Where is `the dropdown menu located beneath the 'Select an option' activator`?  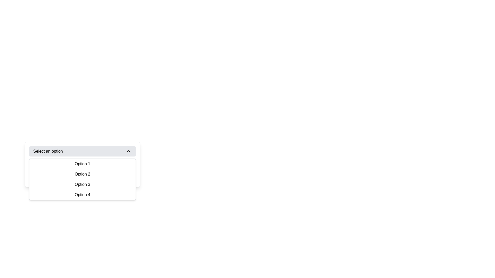 the dropdown menu located beneath the 'Select an option' activator is located at coordinates (82, 179).